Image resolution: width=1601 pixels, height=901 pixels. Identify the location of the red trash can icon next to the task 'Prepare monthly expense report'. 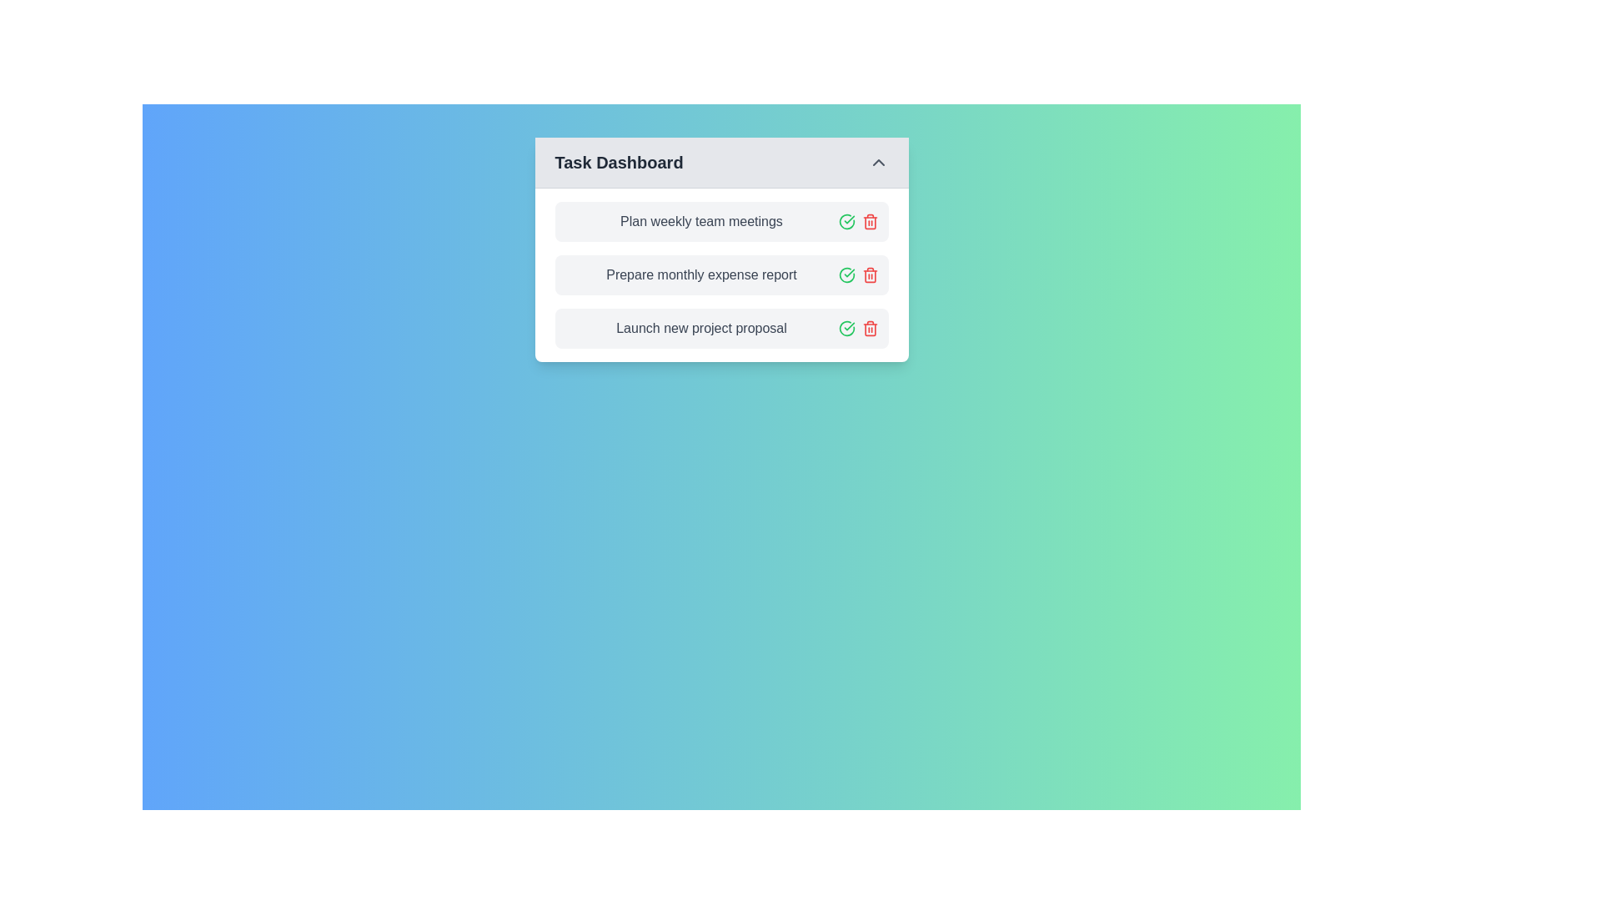
(869, 274).